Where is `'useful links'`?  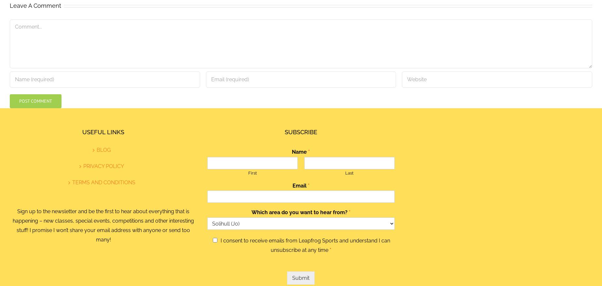 'useful links' is located at coordinates (103, 132).